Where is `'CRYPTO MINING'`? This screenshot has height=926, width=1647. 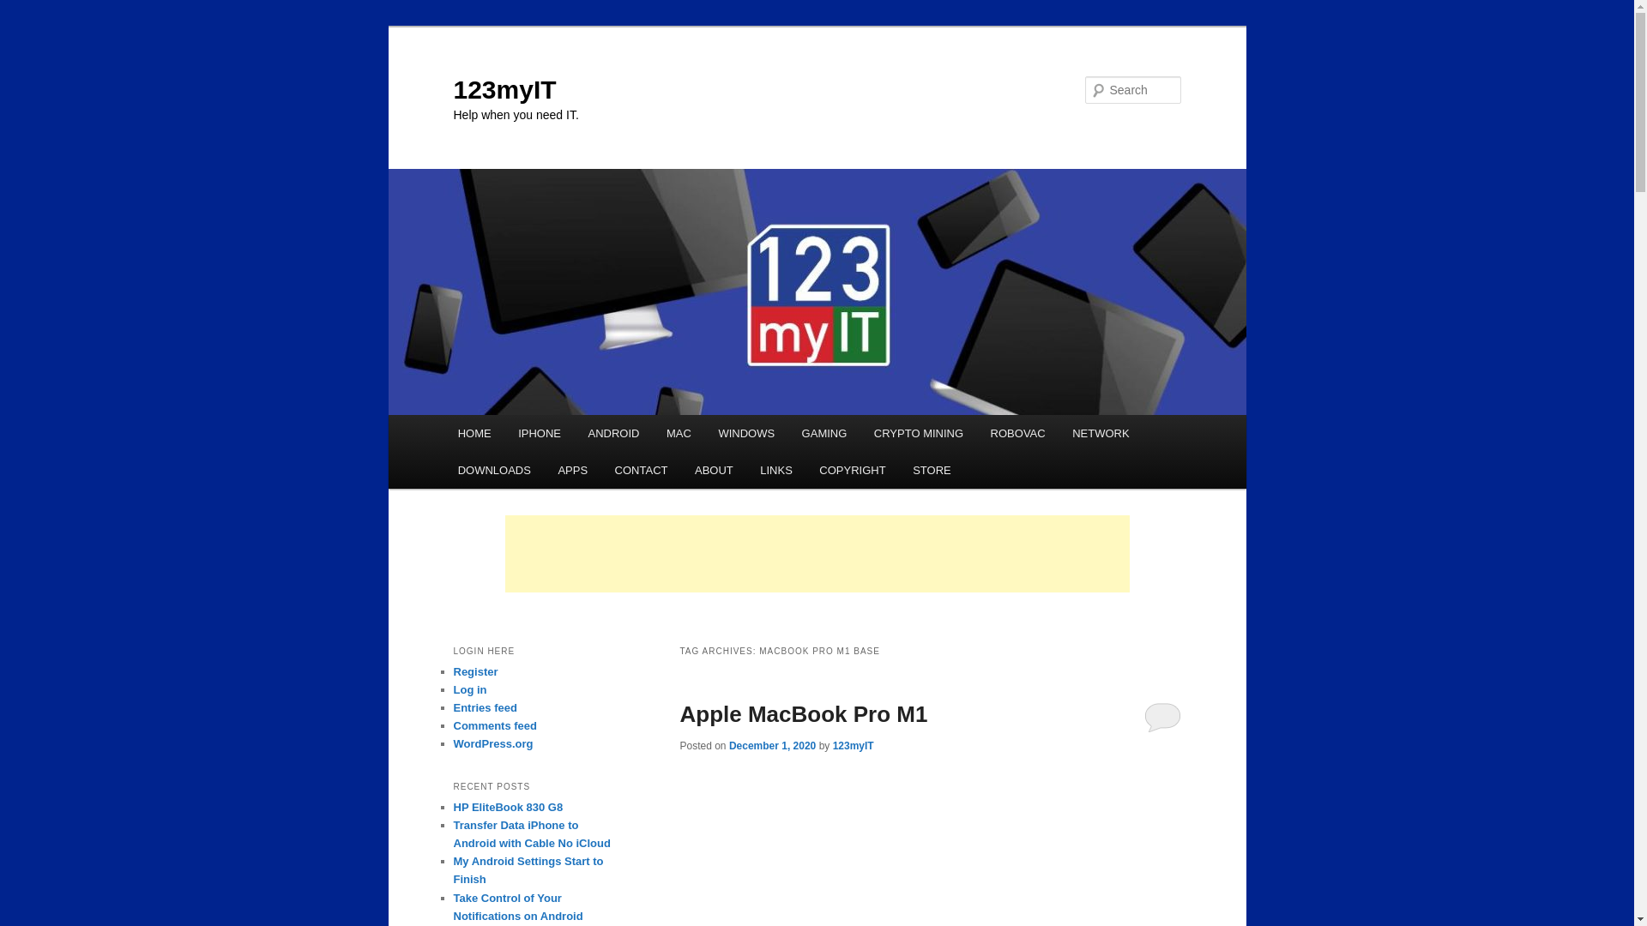
'CRYPTO MINING' is located at coordinates (917, 432).